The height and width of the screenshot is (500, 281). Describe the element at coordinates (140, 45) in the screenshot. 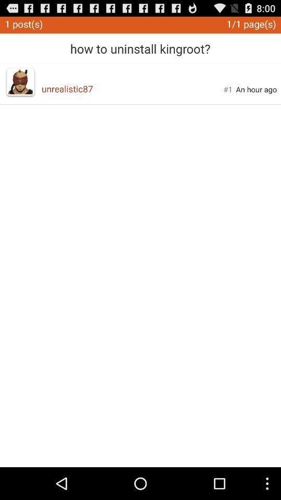

I see `the app to the left of the 1 1 page` at that location.